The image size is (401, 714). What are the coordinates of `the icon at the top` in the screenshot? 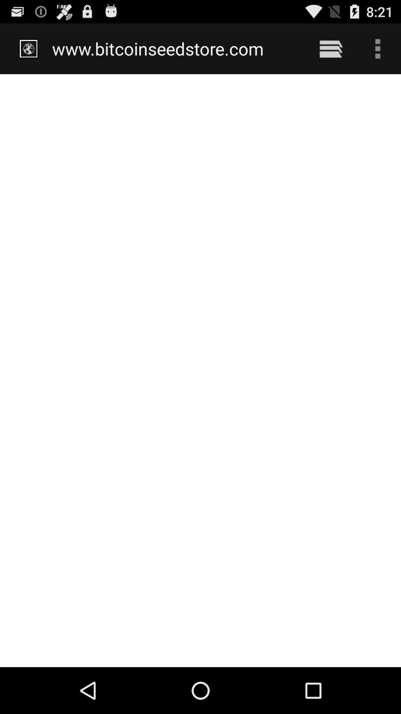 It's located at (175, 48).